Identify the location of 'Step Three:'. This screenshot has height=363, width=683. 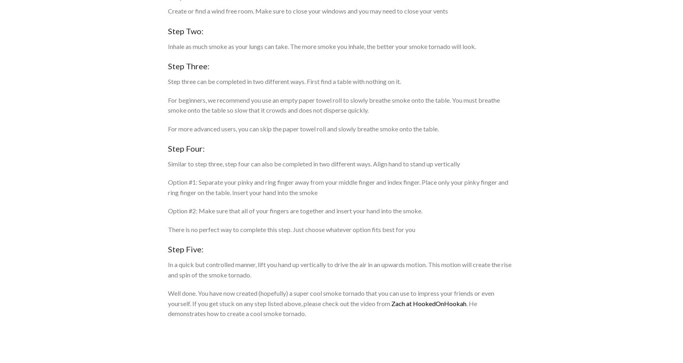
(188, 66).